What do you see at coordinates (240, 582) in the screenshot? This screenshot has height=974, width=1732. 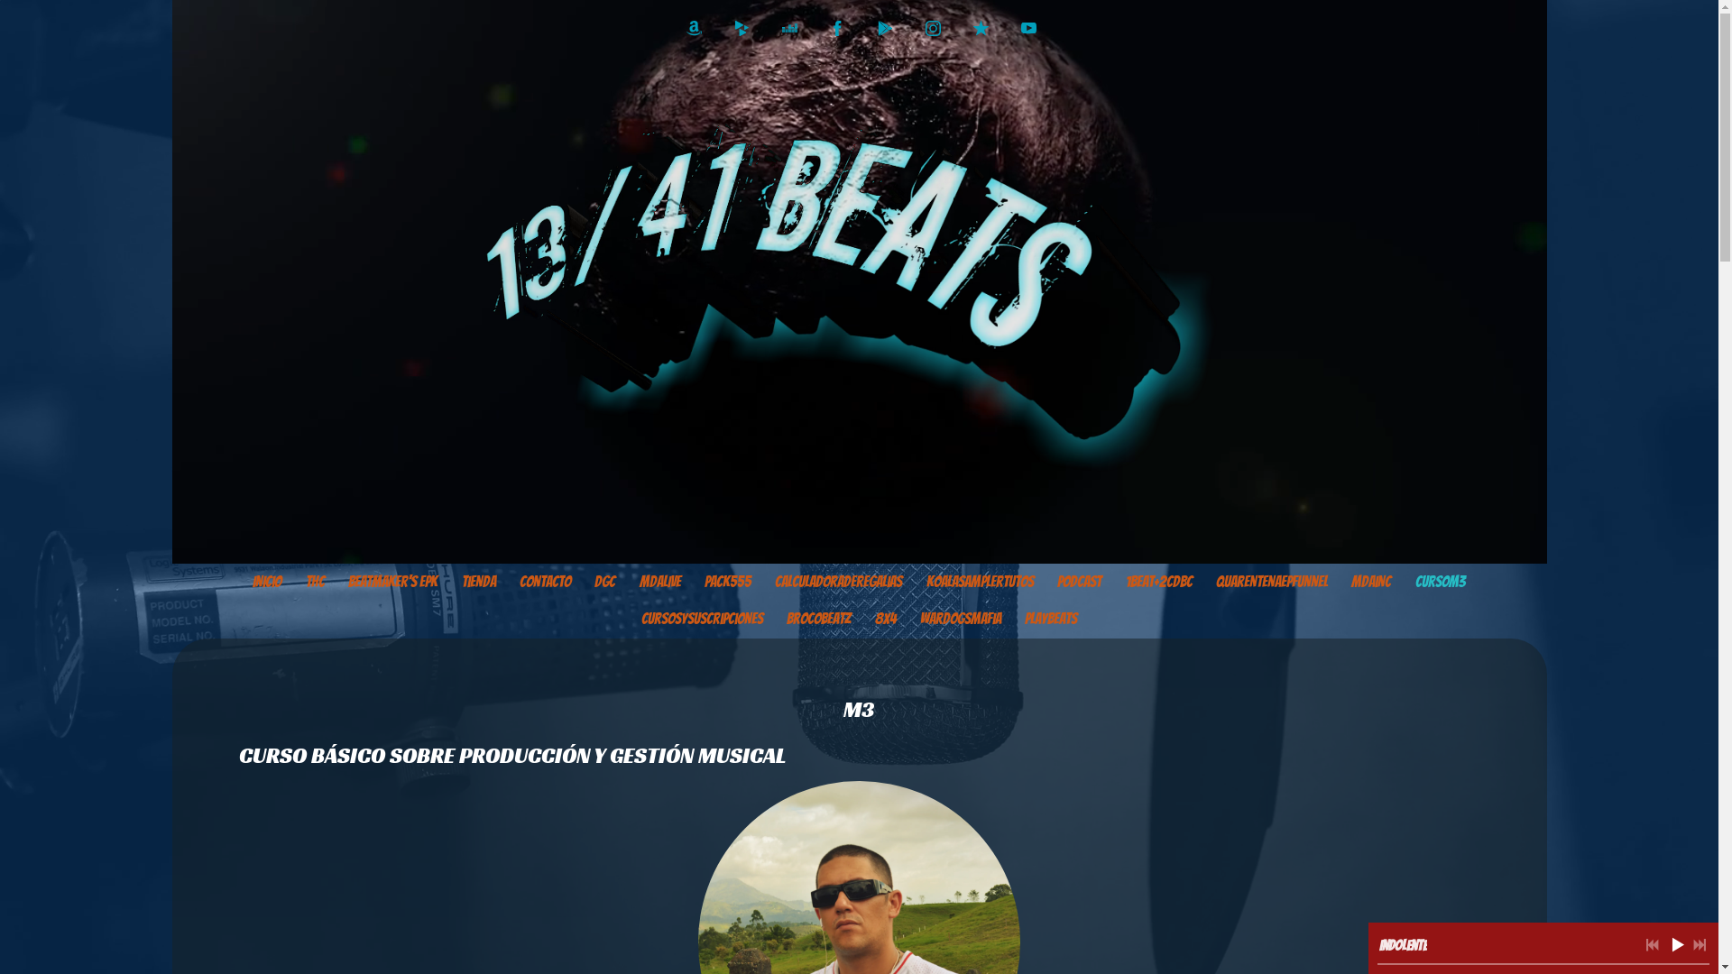 I see `'Inicio'` at bounding box center [240, 582].